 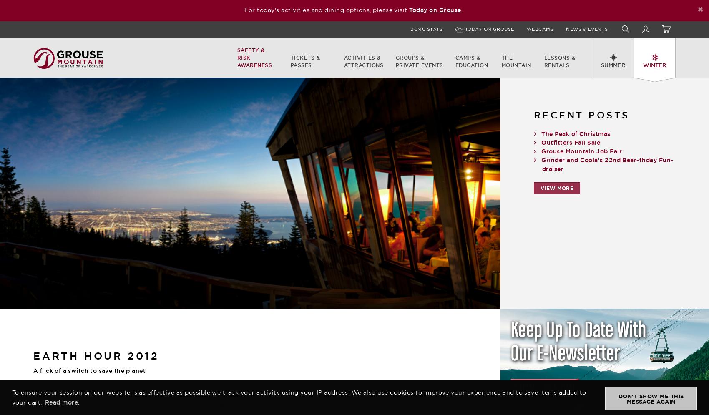 What do you see at coordinates (651, 399) in the screenshot?
I see `'Don't show me this message again'` at bounding box center [651, 399].